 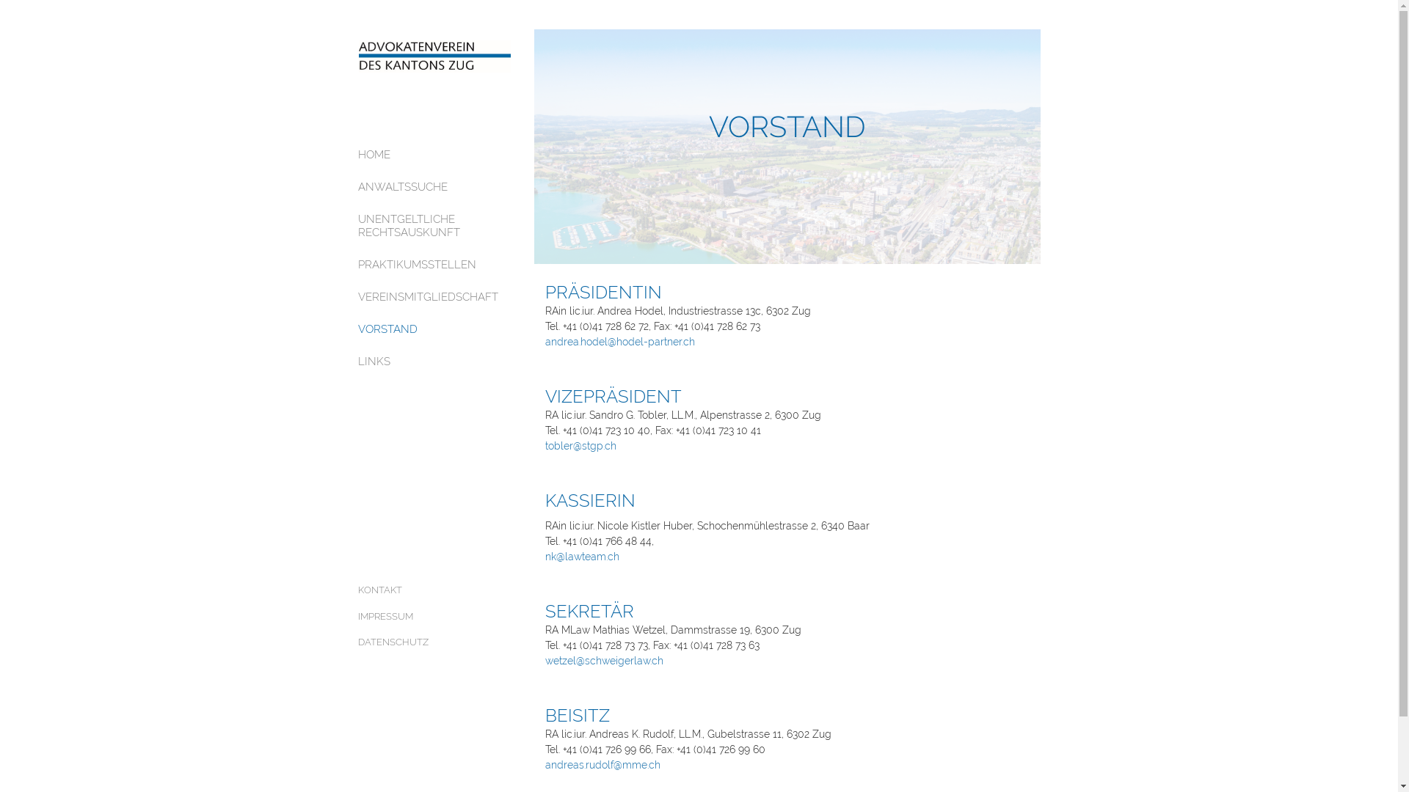 I want to click on 'ANWALTSSUCHE', so click(x=434, y=186).